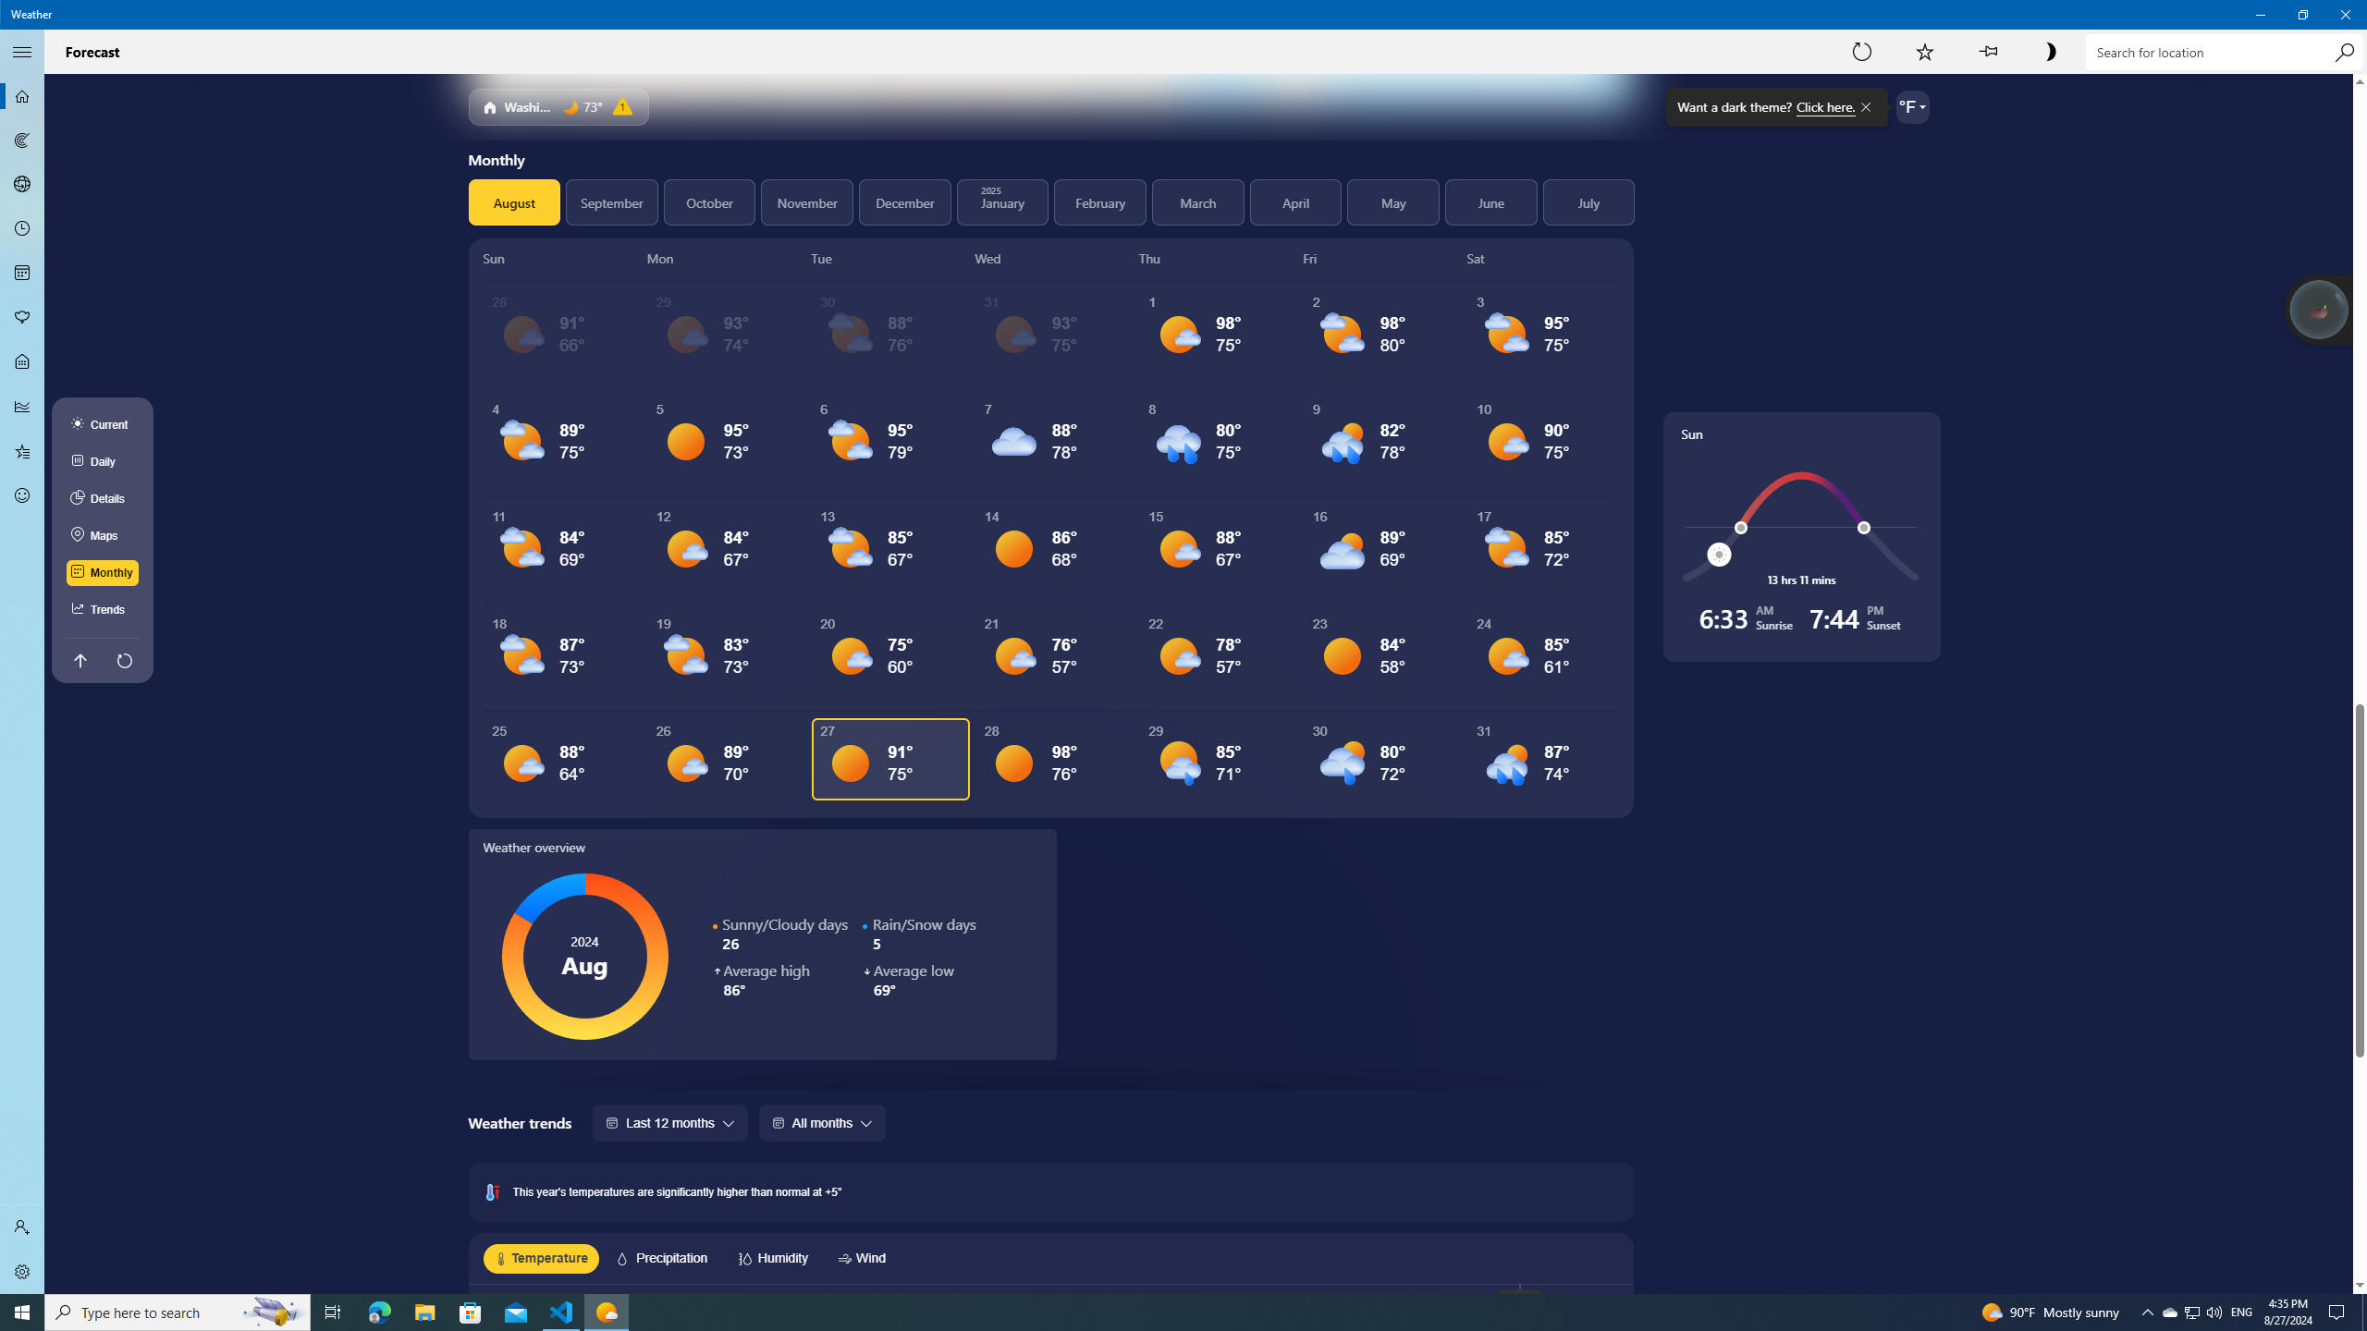  I want to click on 'Action Center, No new notifications', so click(2339, 1311).